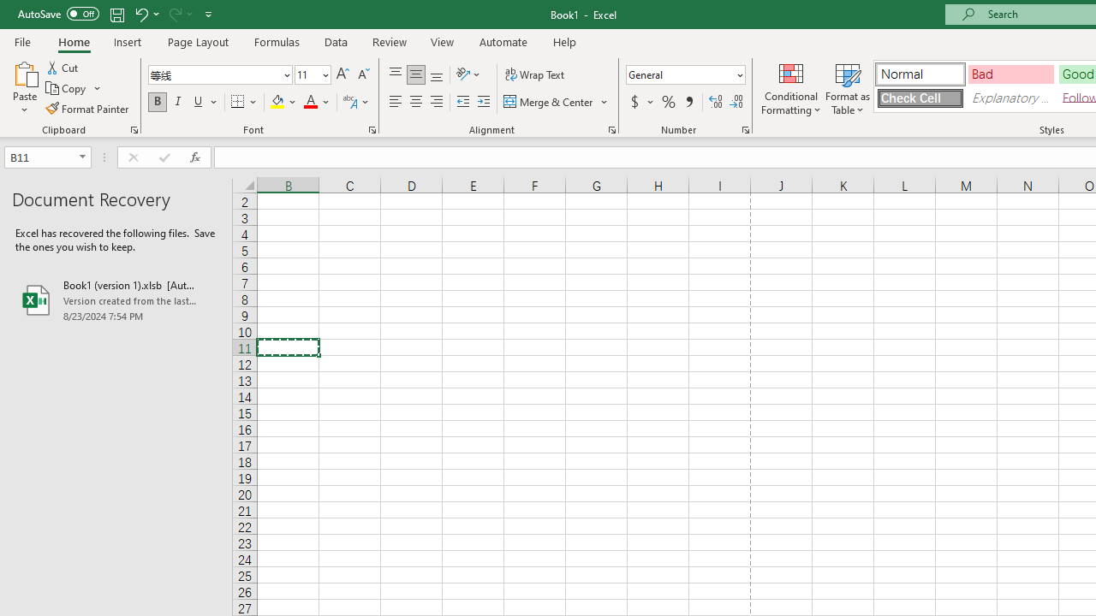 This screenshot has width=1096, height=616. I want to click on 'Format Cell Font', so click(372, 128).